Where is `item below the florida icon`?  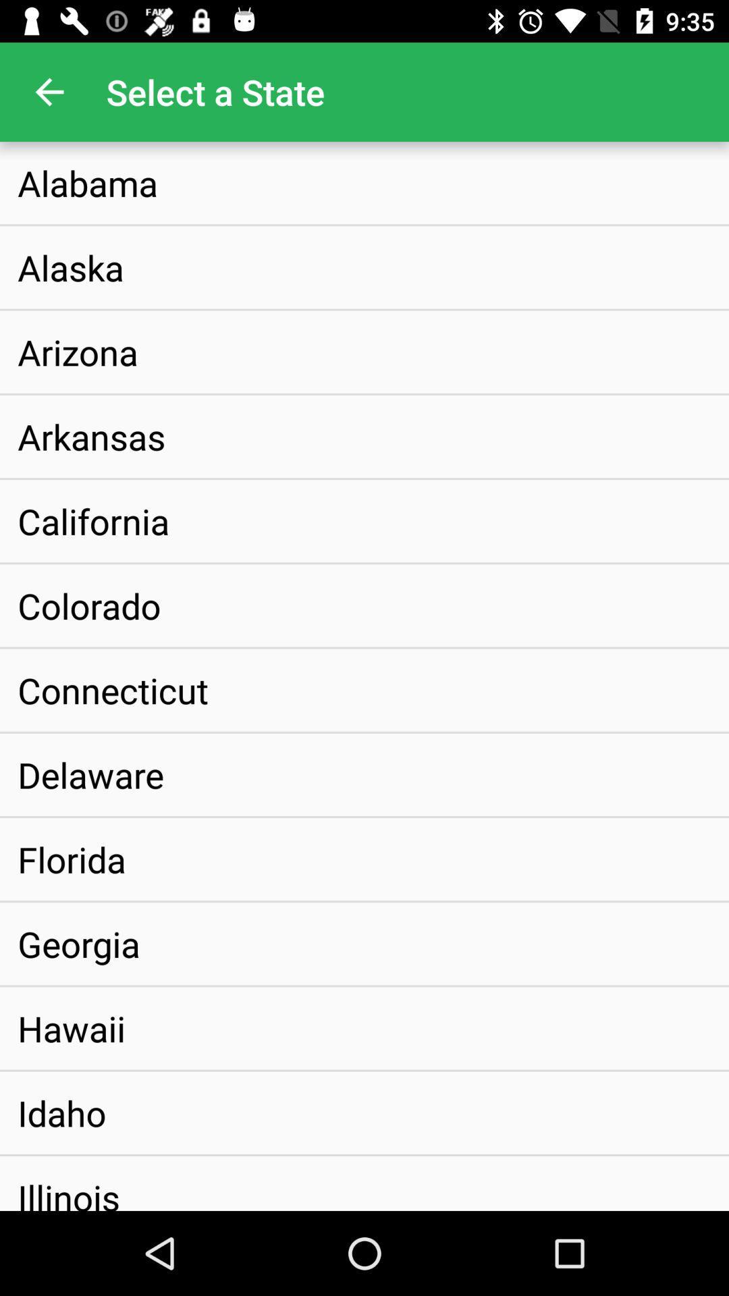 item below the florida icon is located at coordinates (78, 943).